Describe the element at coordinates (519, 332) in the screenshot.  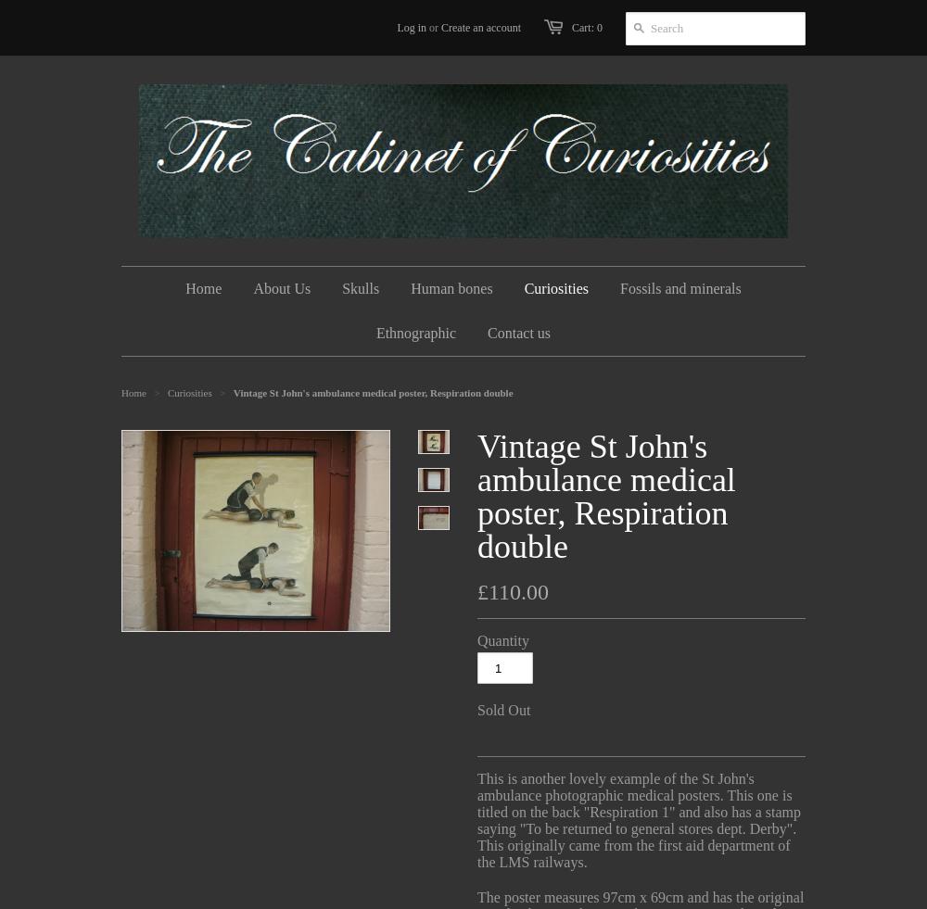
I see `'Contact us'` at that location.